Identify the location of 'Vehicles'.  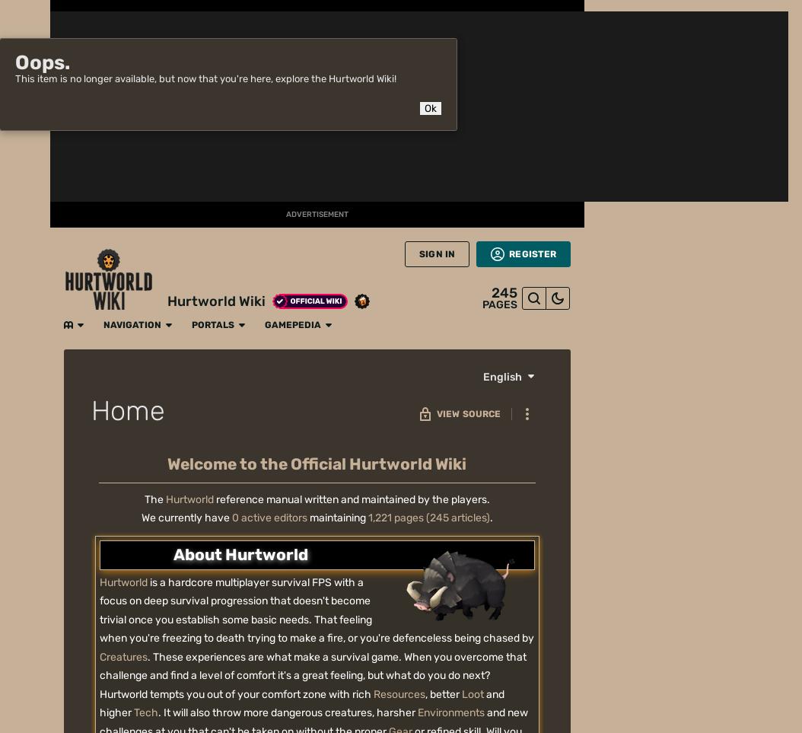
(416, 105).